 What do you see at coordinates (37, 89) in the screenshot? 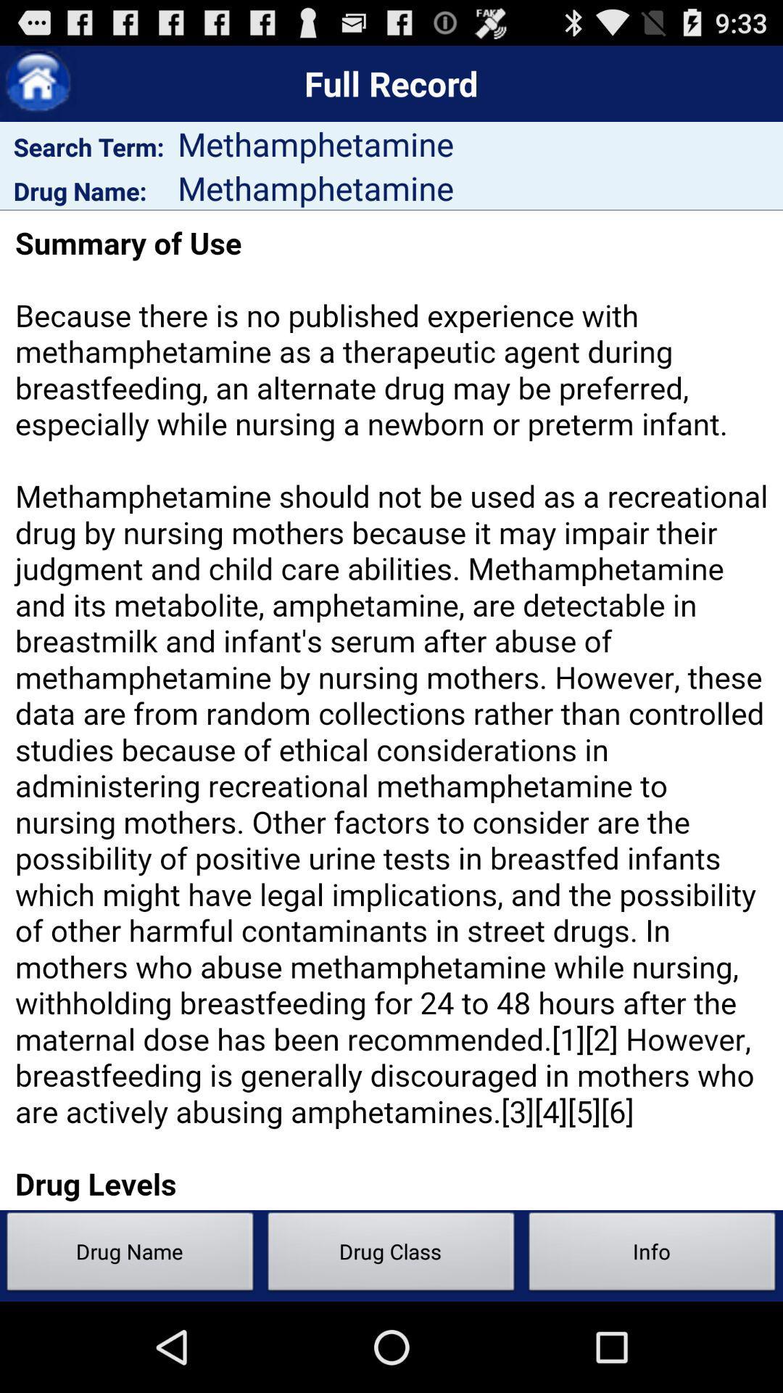
I see `the home icon` at bounding box center [37, 89].